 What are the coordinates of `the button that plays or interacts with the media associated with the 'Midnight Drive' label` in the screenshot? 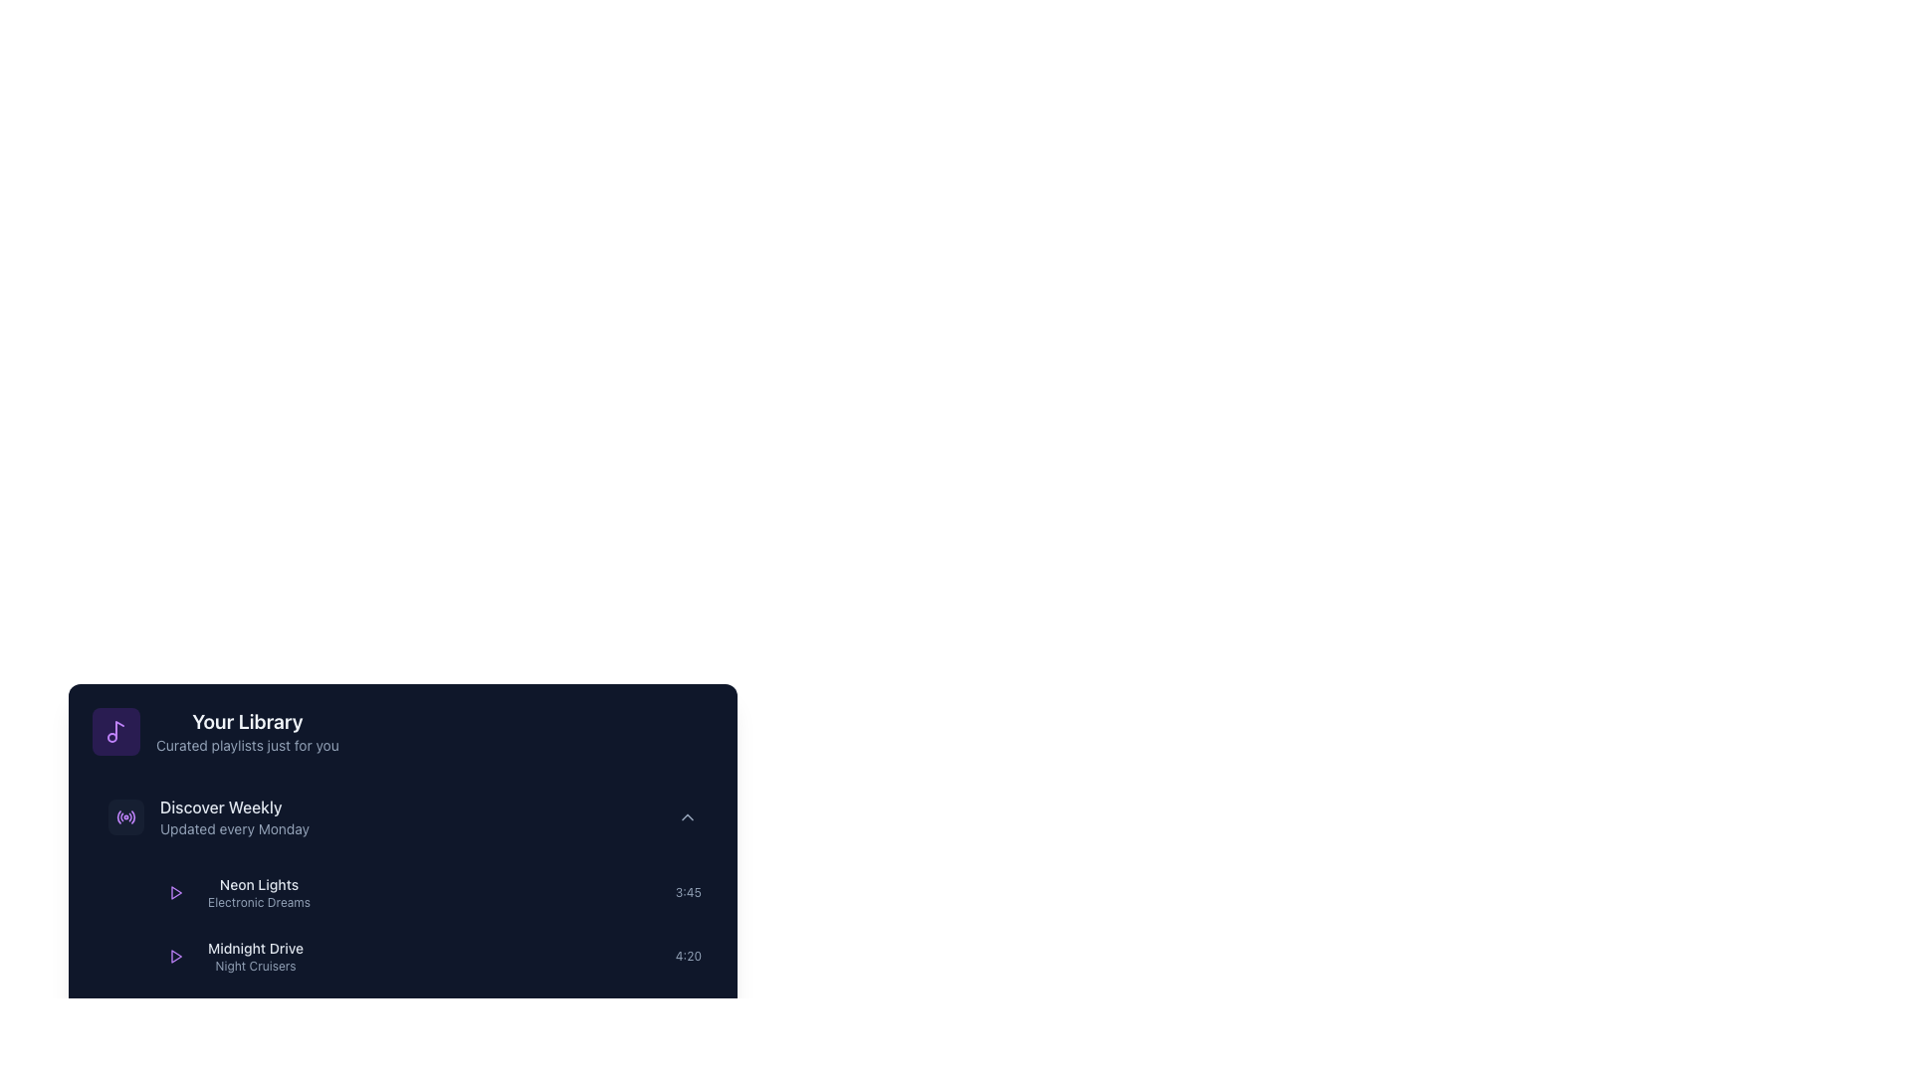 It's located at (176, 955).